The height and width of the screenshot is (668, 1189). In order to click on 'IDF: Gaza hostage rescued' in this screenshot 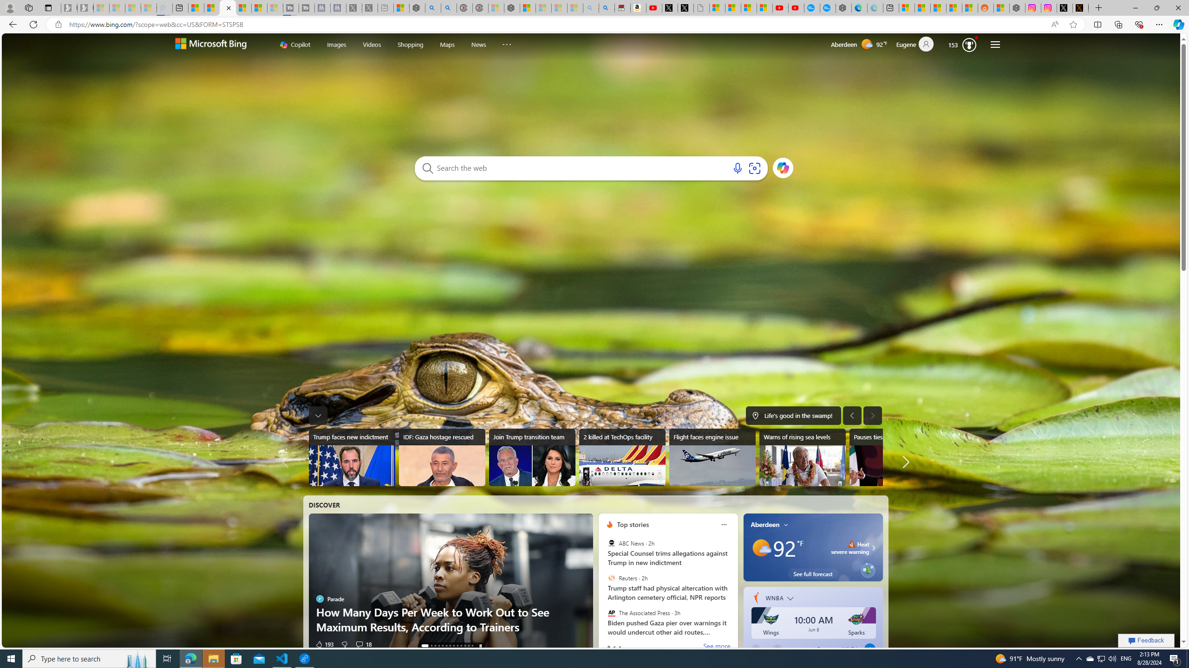, I will do `click(441, 457)`.